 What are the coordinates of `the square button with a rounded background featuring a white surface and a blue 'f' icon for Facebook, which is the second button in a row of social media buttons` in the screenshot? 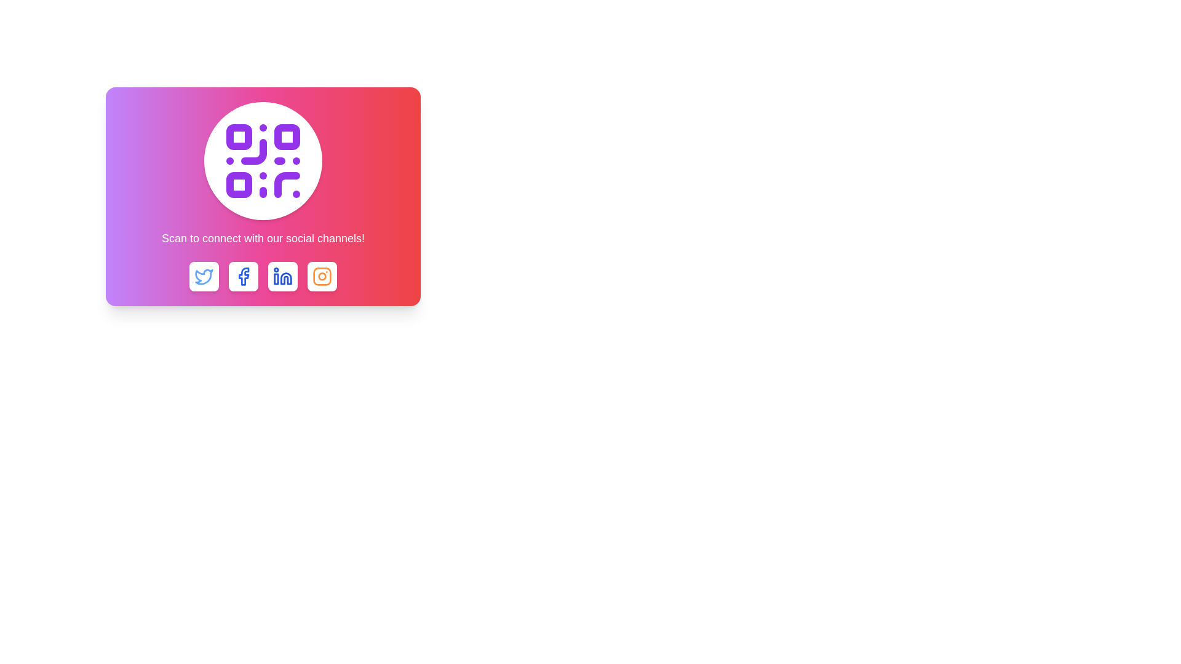 It's located at (243, 277).